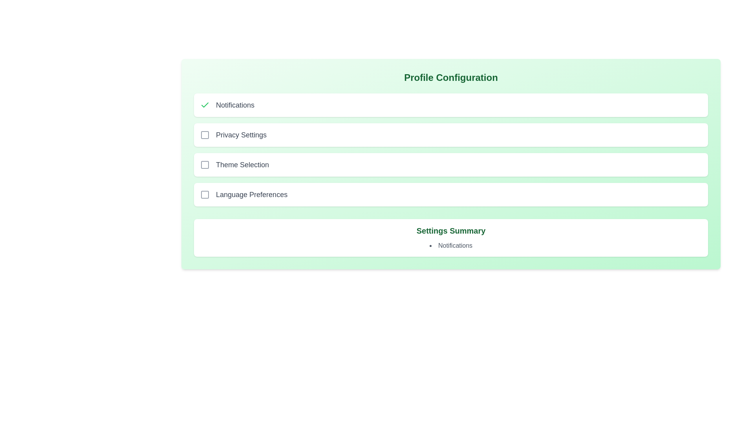  Describe the element at coordinates (205, 164) in the screenshot. I see `the checkbox for the 'Theme Selection' option, which is the third checkbox from the top, located below 'Privacy Settings' and above 'Language Preferences'` at that location.